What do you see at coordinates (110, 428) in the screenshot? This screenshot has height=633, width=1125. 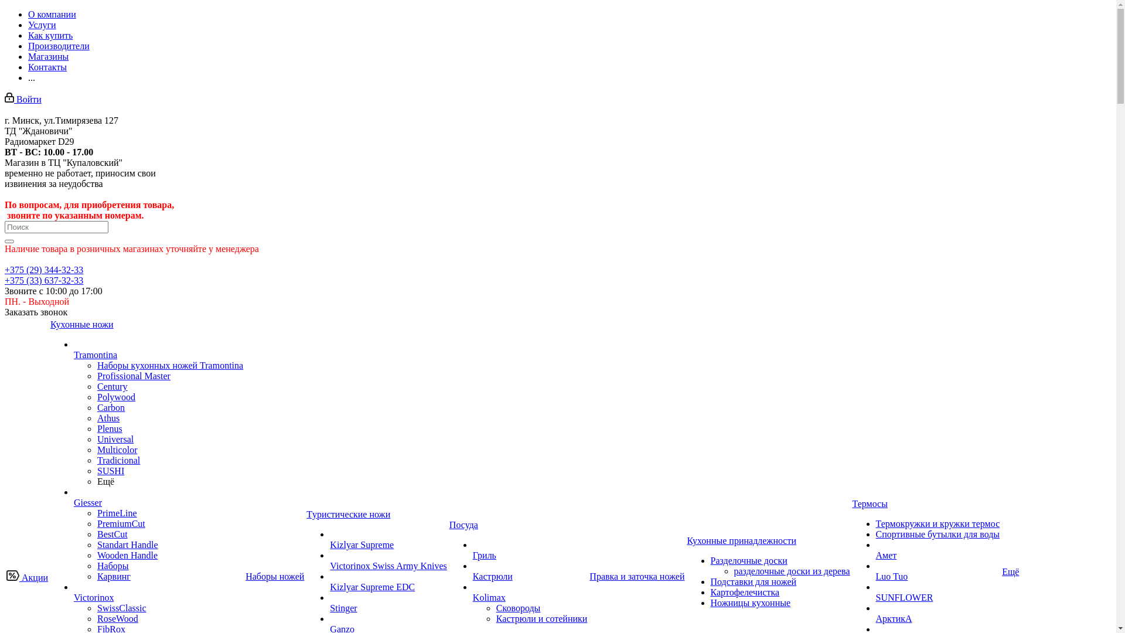 I see `'Plenus'` at bounding box center [110, 428].